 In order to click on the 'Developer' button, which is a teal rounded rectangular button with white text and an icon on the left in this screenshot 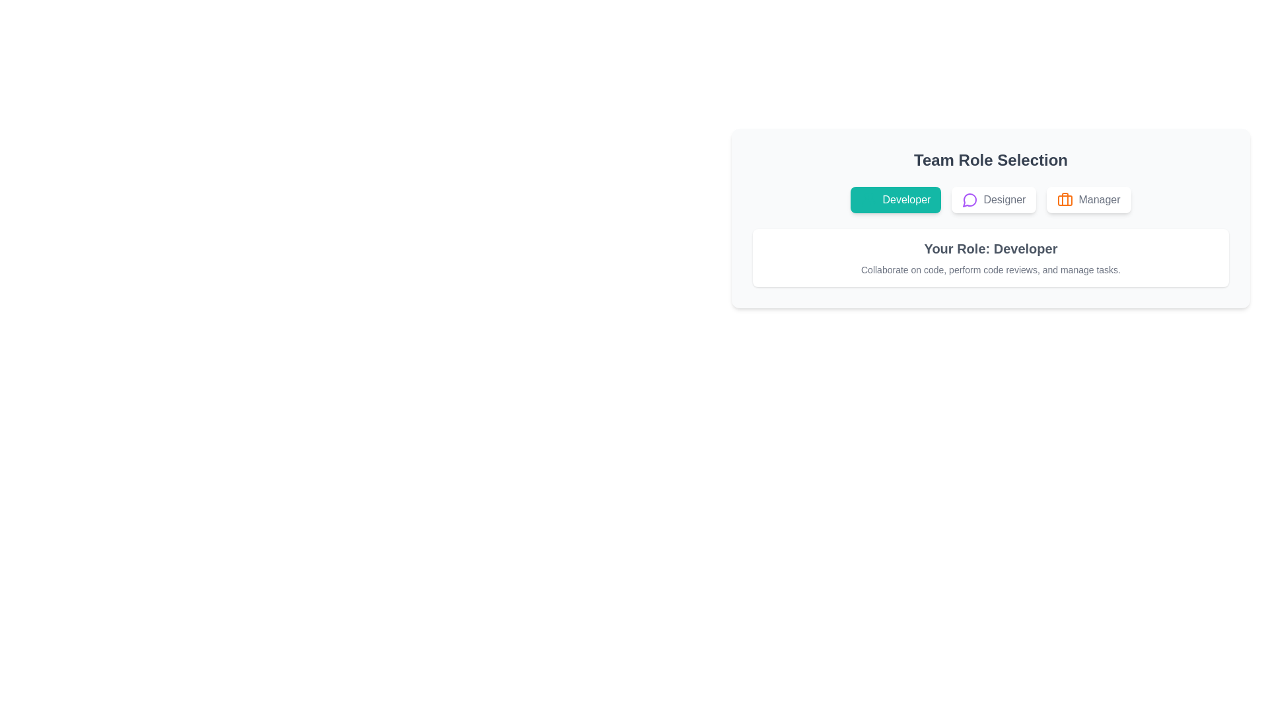, I will do `click(896, 200)`.